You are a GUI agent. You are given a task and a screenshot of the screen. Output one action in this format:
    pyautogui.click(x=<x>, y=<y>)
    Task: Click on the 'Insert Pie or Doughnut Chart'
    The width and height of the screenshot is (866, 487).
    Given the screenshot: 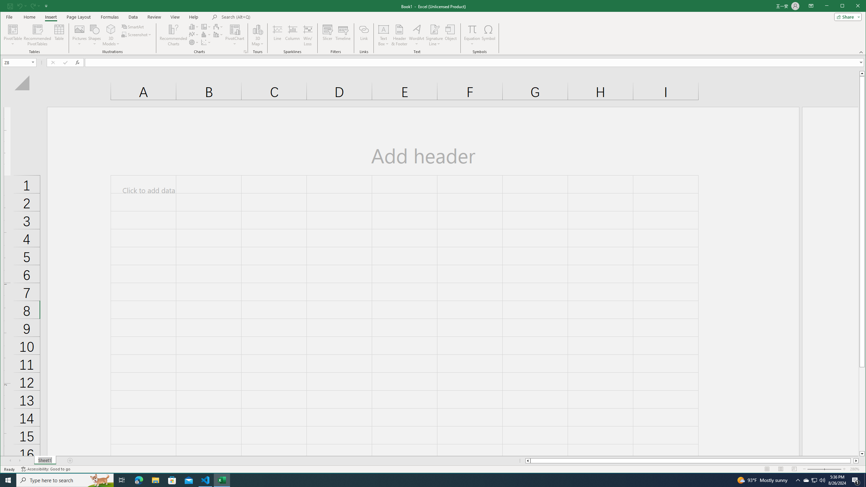 What is the action you would take?
    pyautogui.click(x=206, y=34)
    